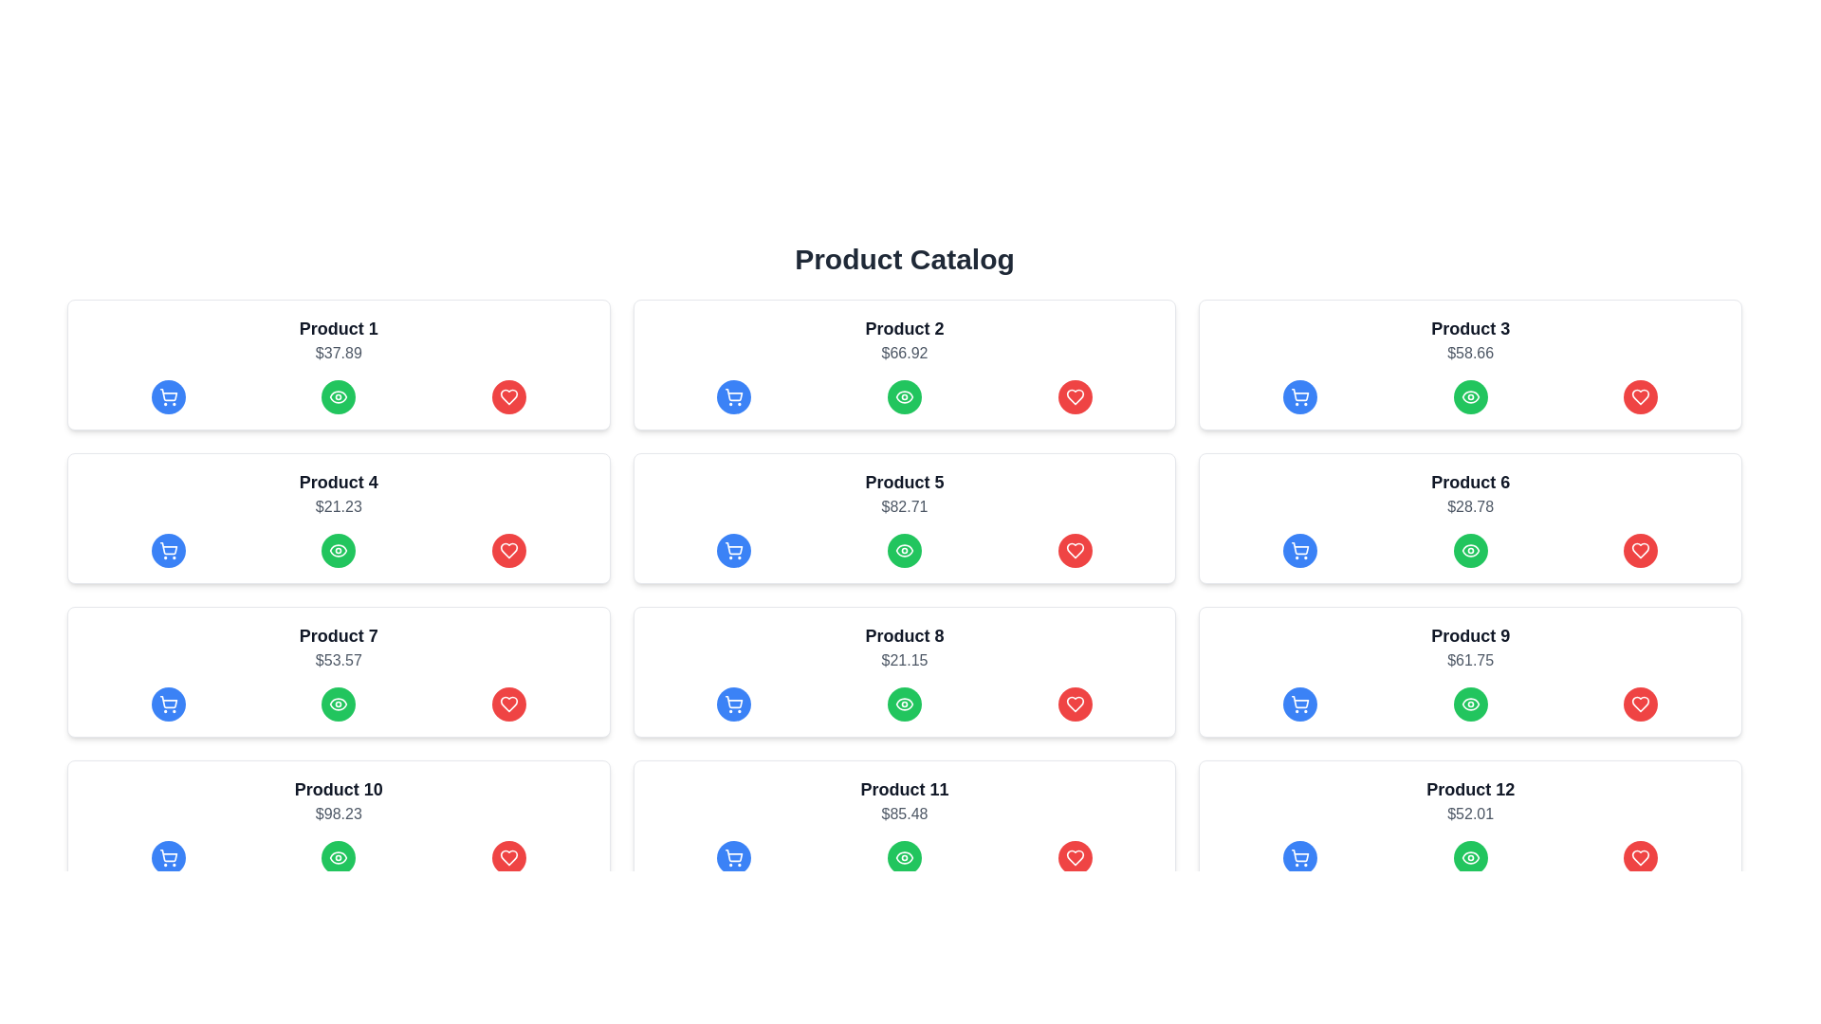 This screenshot has width=1821, height=1024. Describe the element at coordinates (1075, 704) in the screenshot. I see `the circular button with a red background and white heart icon` at that location.